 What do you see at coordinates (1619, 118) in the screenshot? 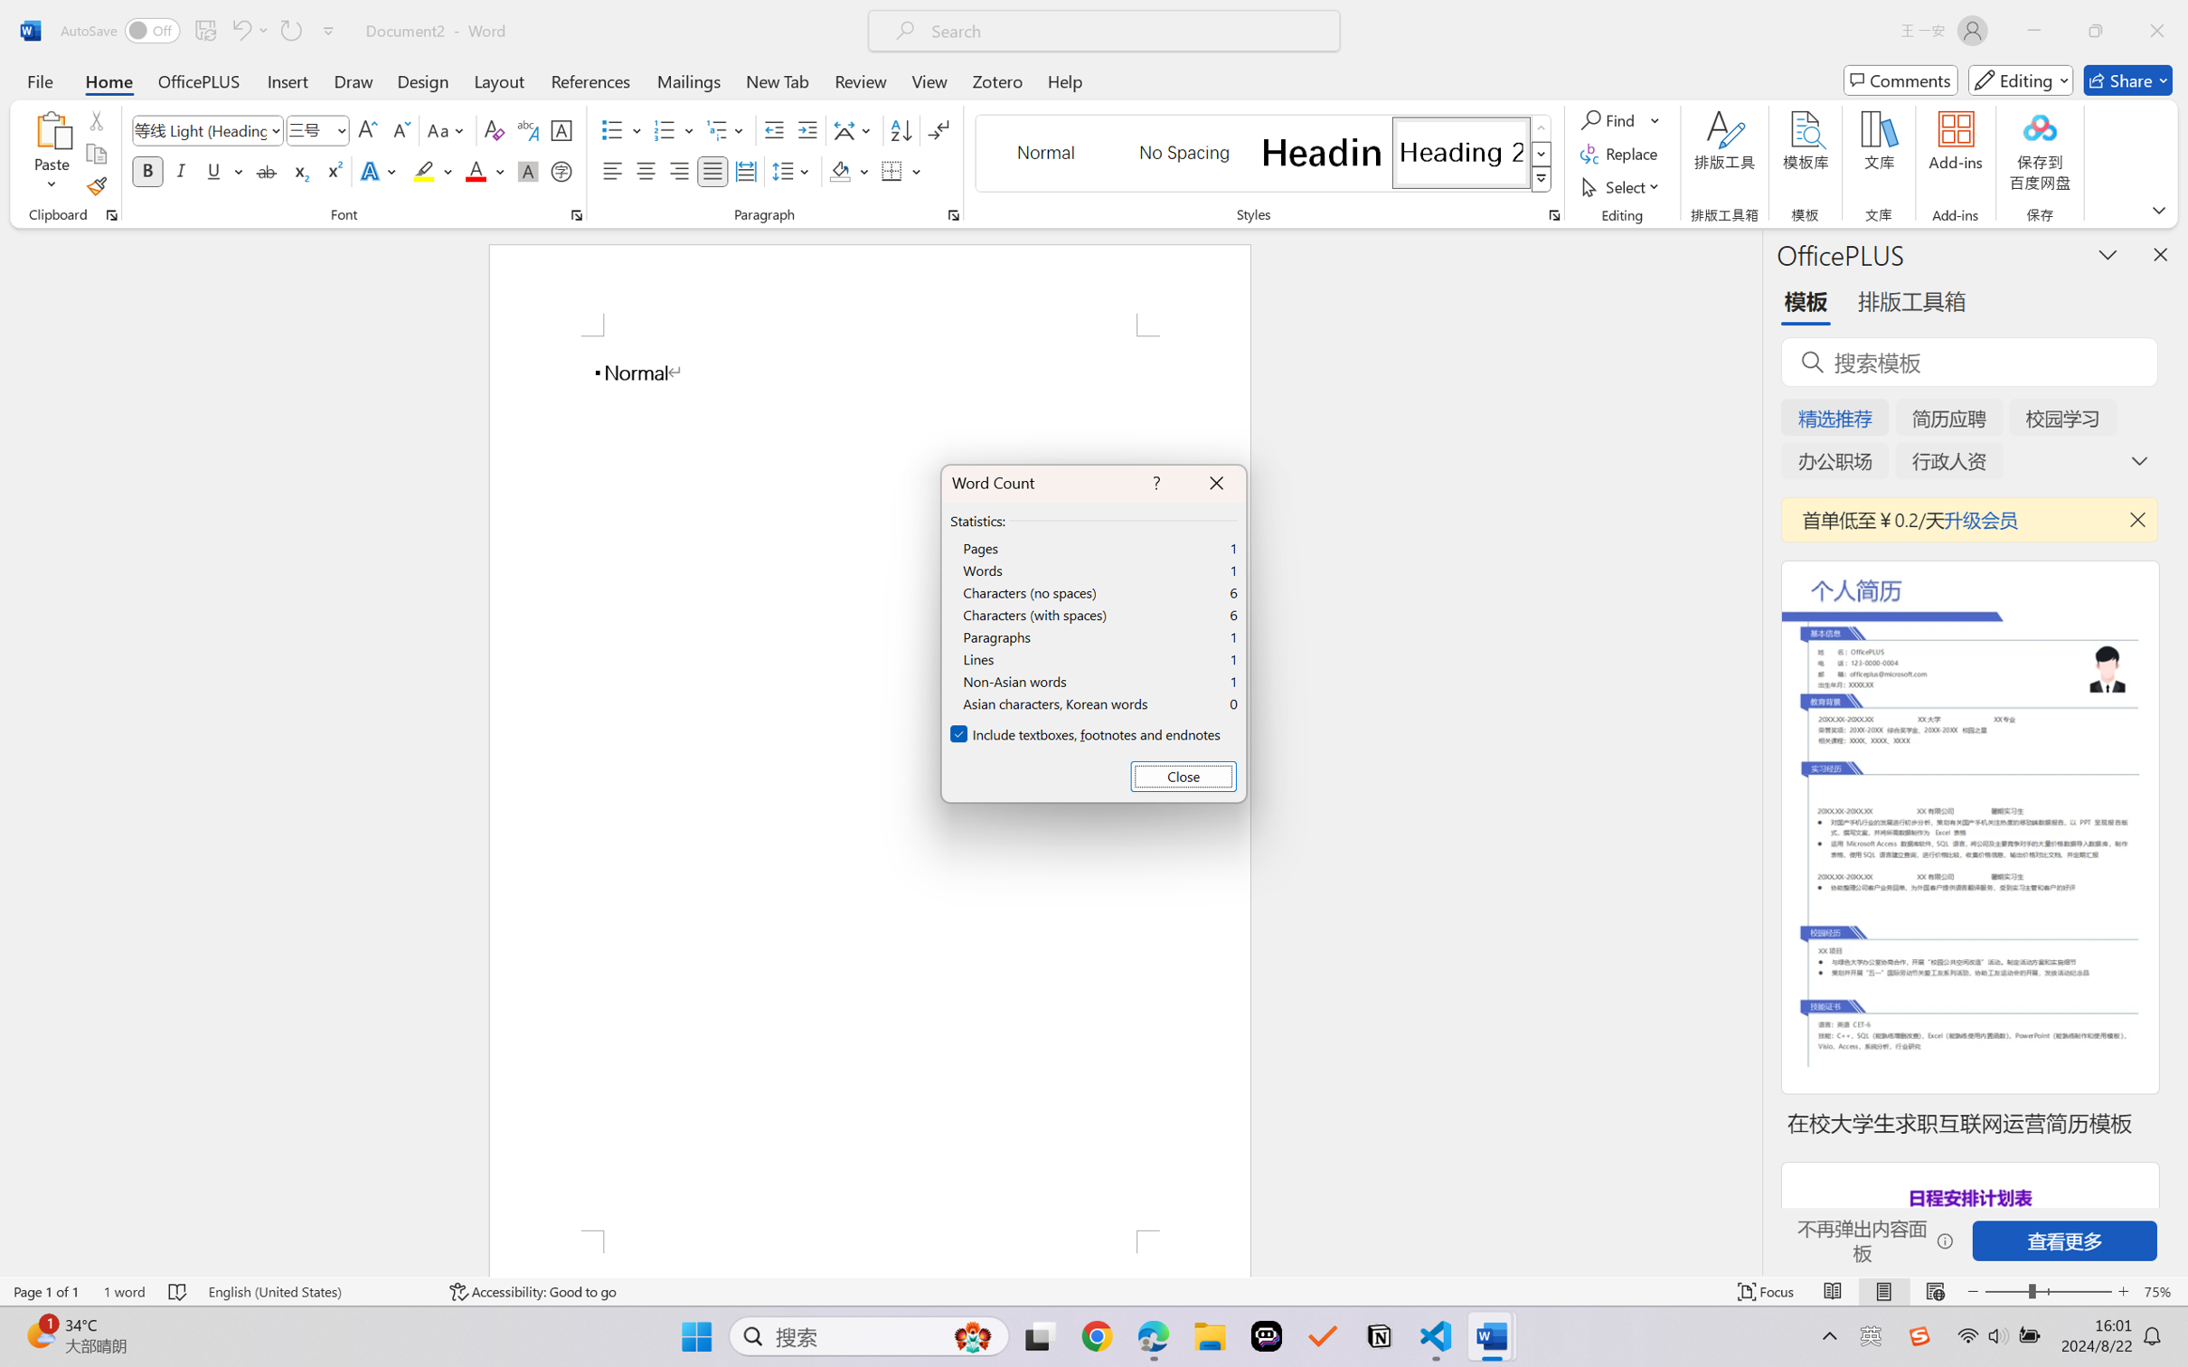
I see `'Find'` at bounding box center [1619, 118].